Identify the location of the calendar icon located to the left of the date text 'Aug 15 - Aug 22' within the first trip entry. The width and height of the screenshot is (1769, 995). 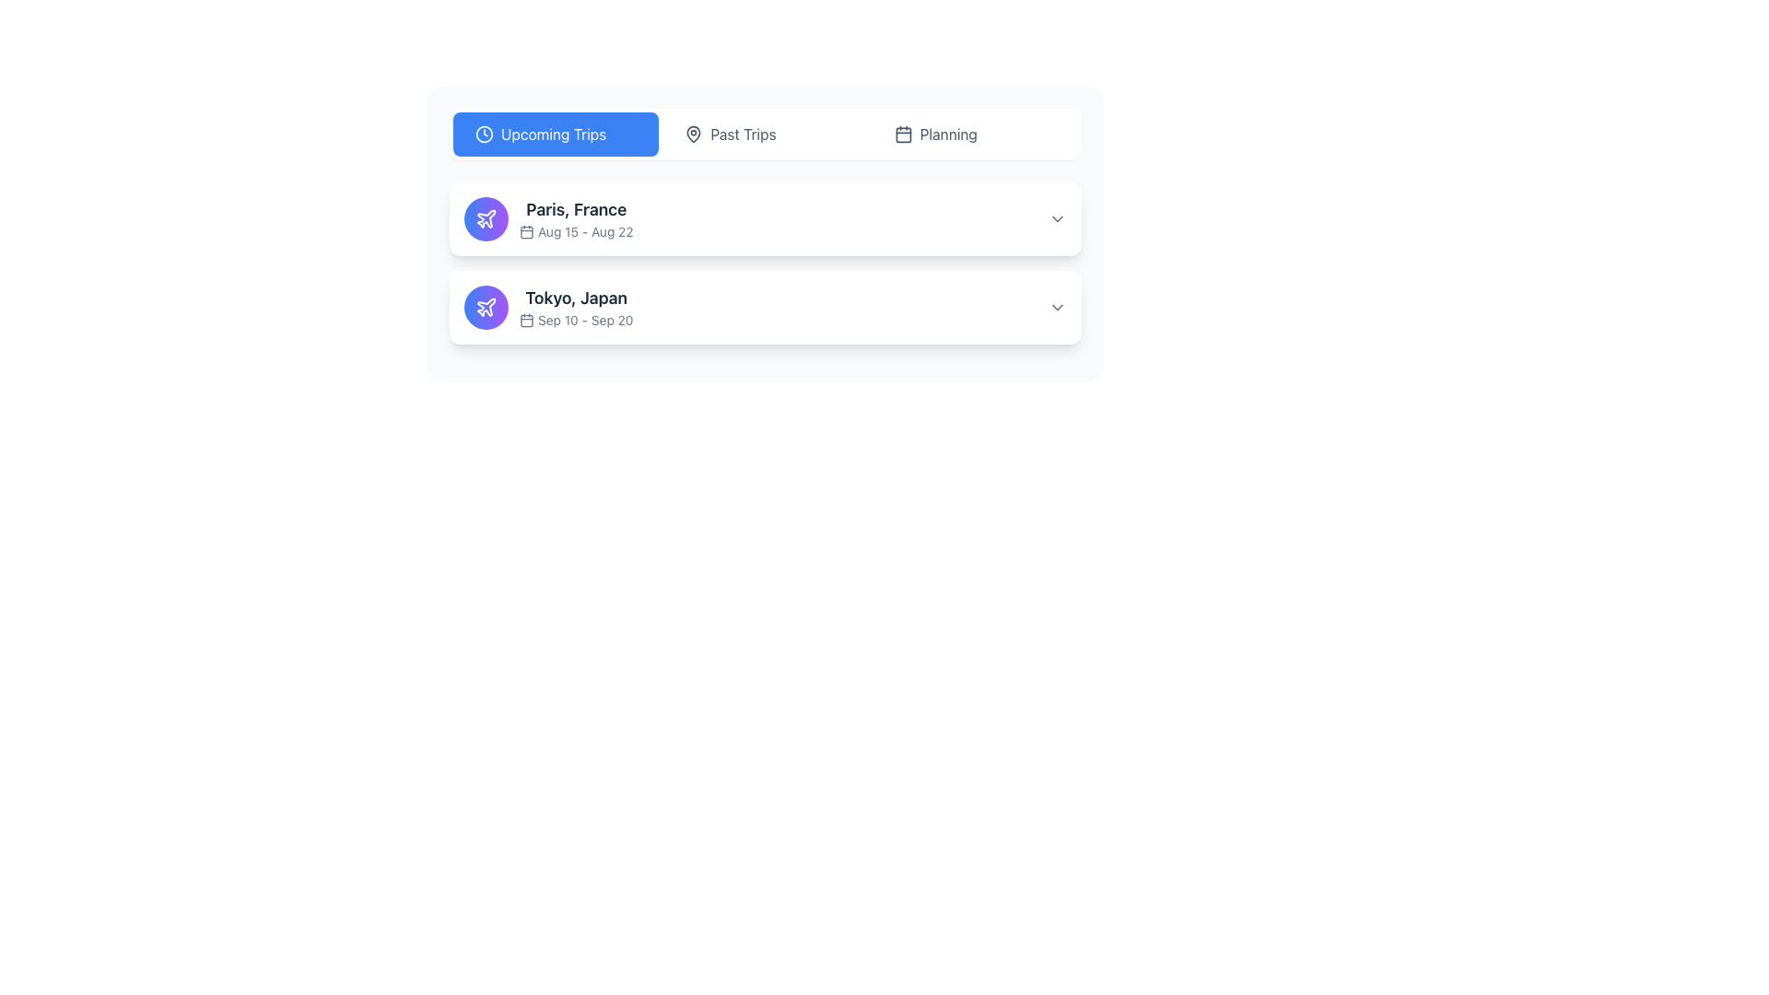
(525, 230).